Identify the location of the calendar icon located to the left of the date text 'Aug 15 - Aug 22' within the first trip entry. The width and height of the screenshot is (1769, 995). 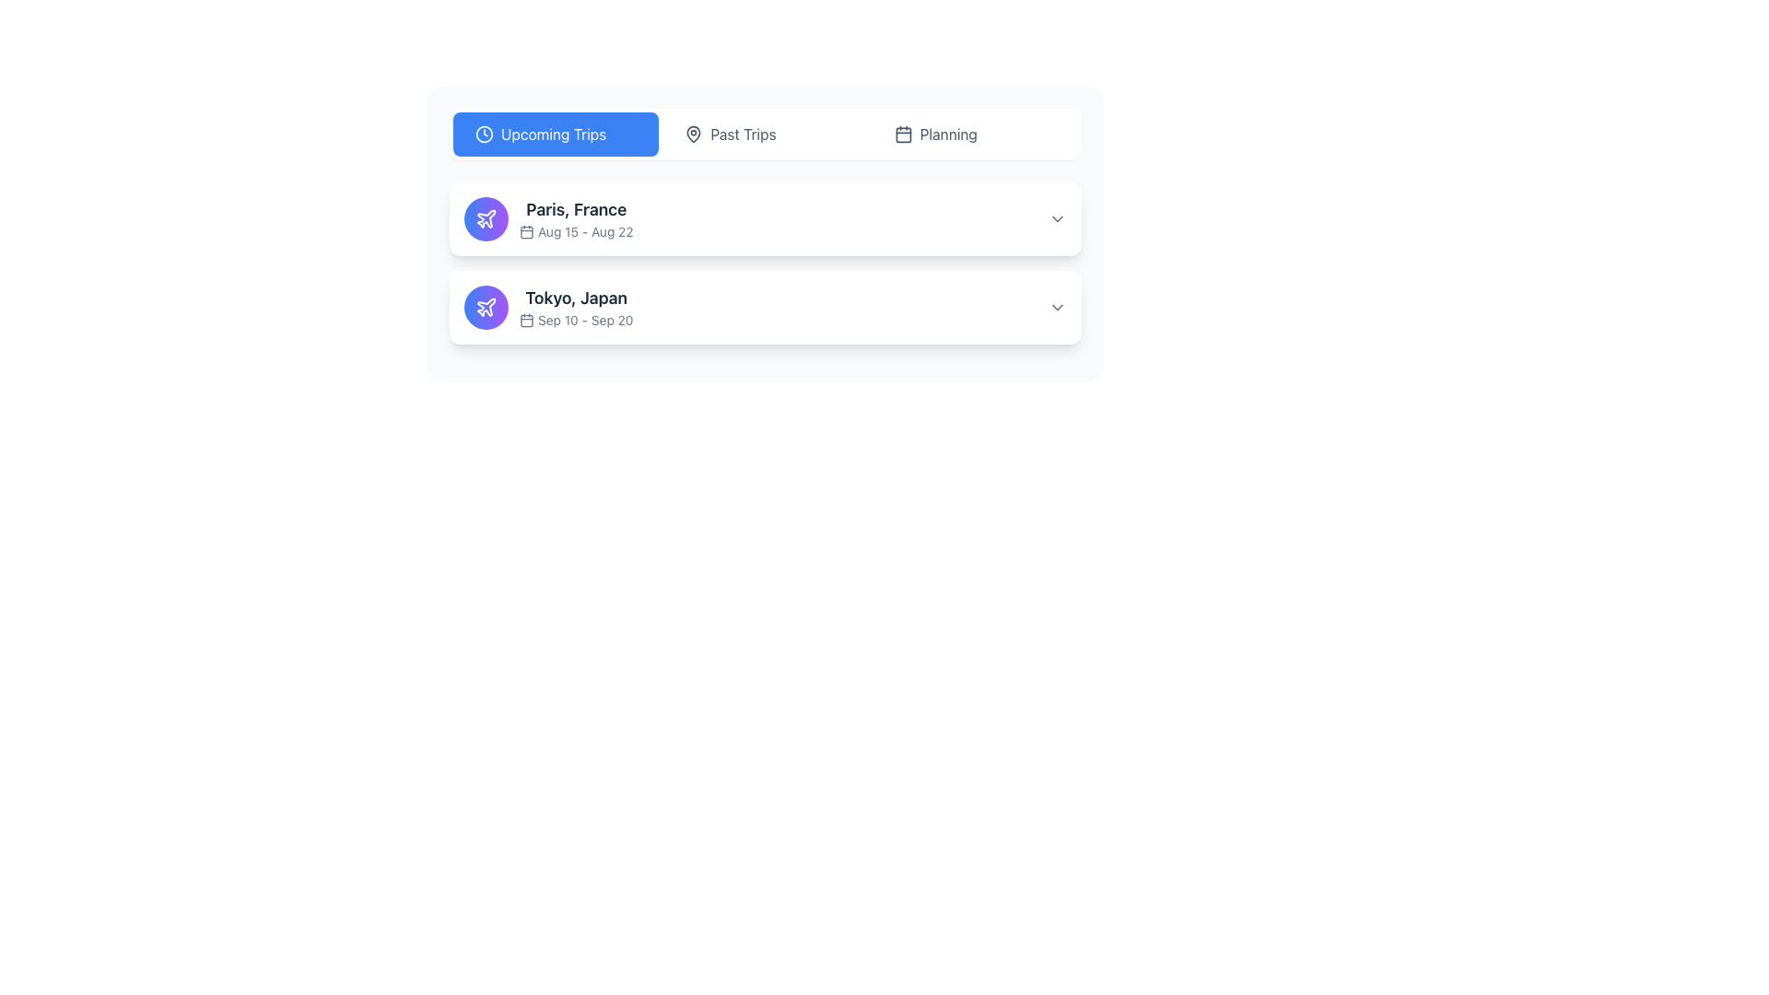
(525, 230).